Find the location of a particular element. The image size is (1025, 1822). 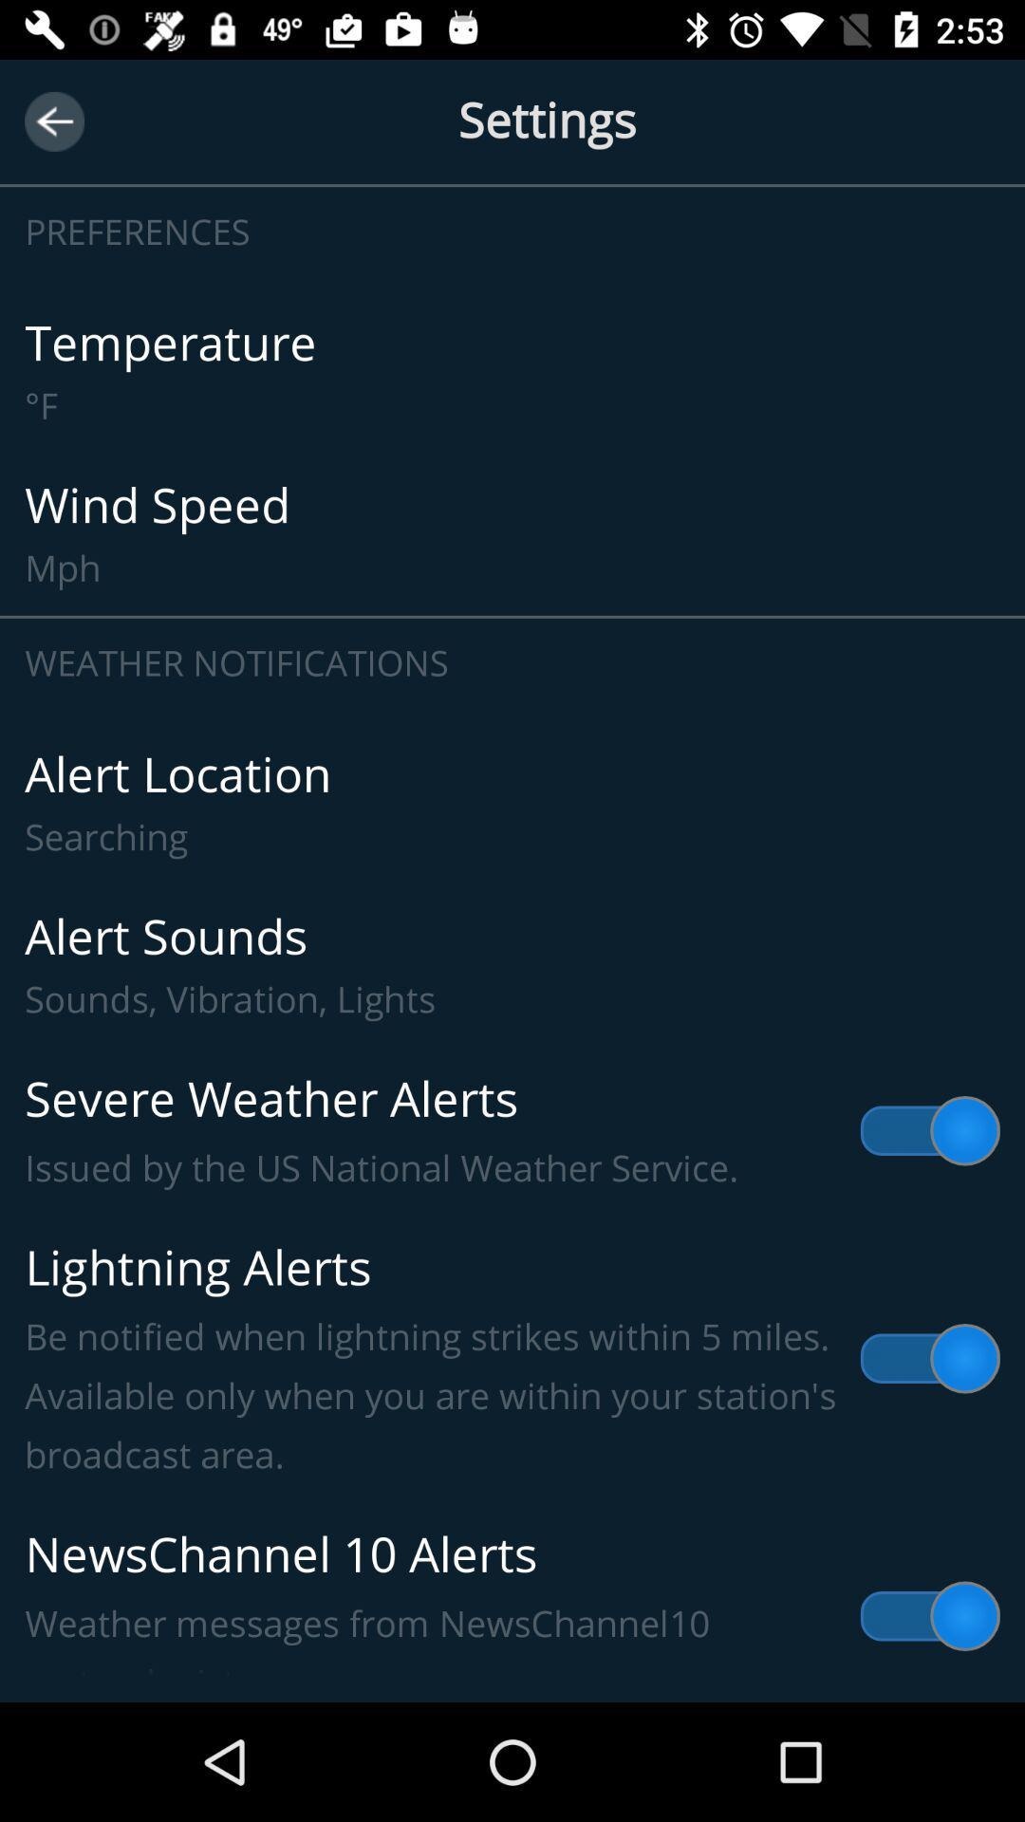

the arrow_backward icon is located at coordinates (53, 121).